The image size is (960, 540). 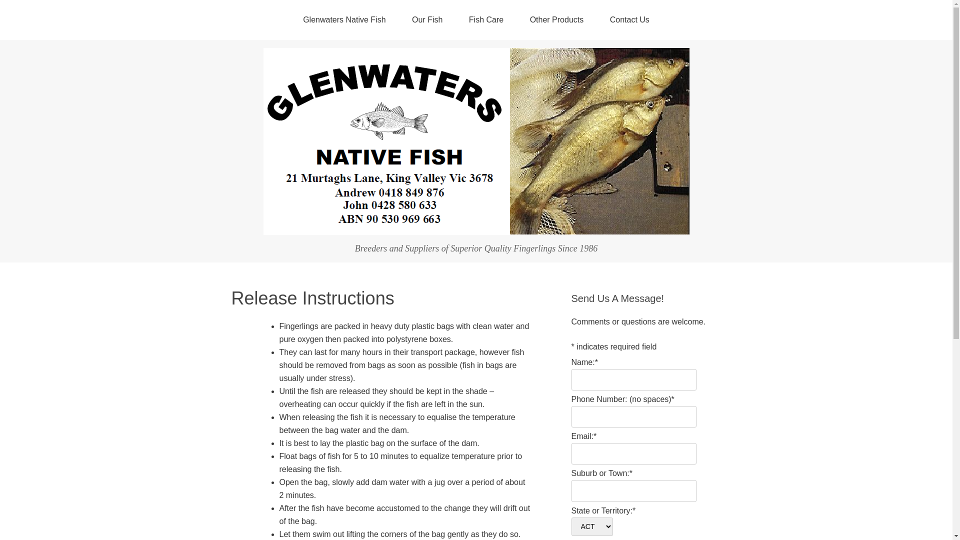 I want to click on 'Contact Us', so click(x=597, y=19).